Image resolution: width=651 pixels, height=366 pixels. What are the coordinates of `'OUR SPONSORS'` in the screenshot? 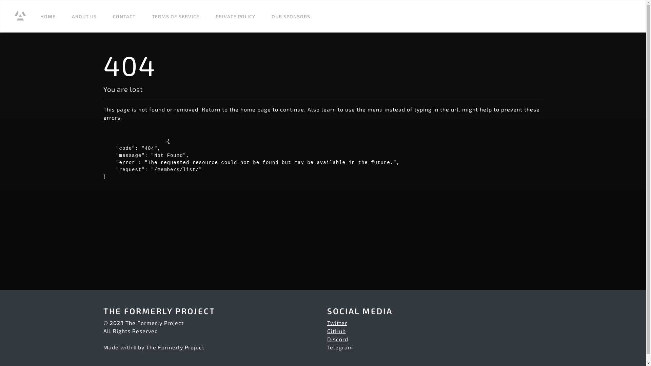 It's located at (268, 16).